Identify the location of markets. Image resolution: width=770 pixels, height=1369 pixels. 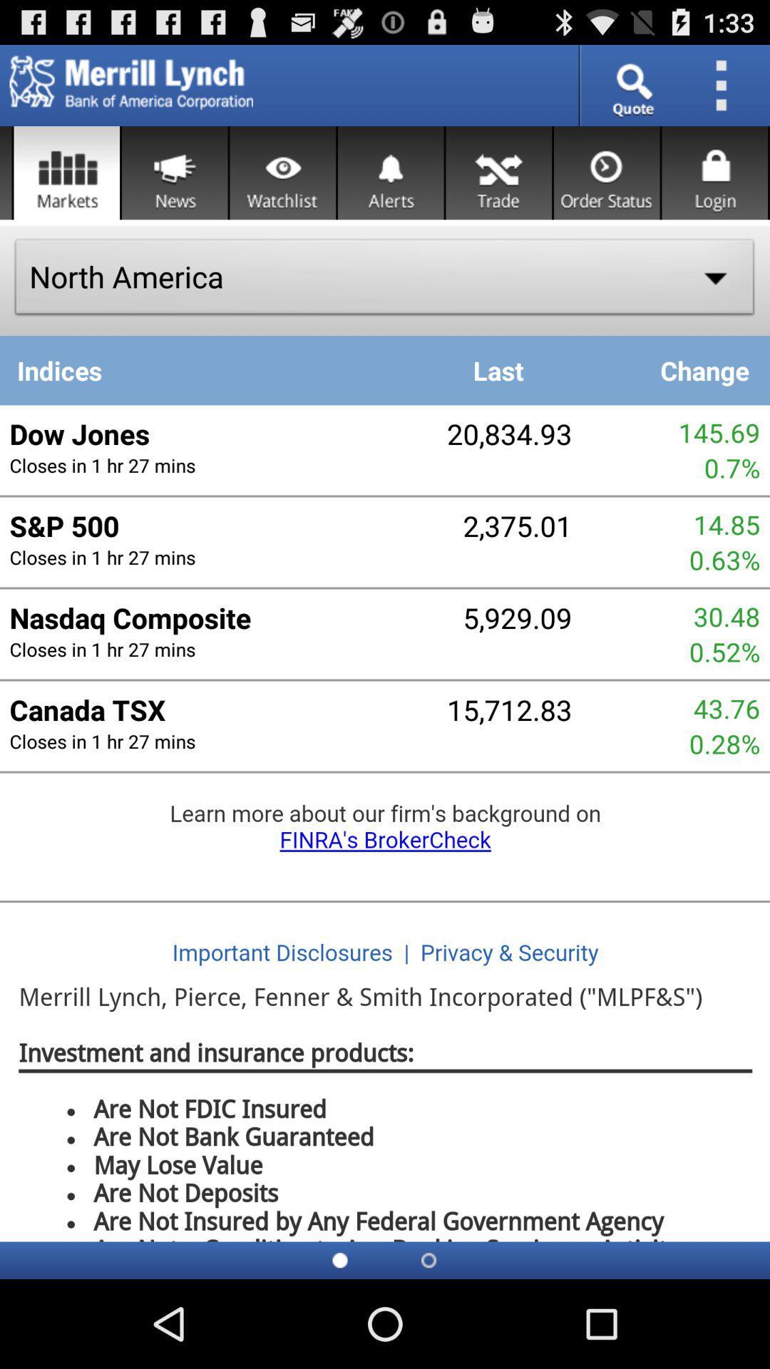
(66, 172).